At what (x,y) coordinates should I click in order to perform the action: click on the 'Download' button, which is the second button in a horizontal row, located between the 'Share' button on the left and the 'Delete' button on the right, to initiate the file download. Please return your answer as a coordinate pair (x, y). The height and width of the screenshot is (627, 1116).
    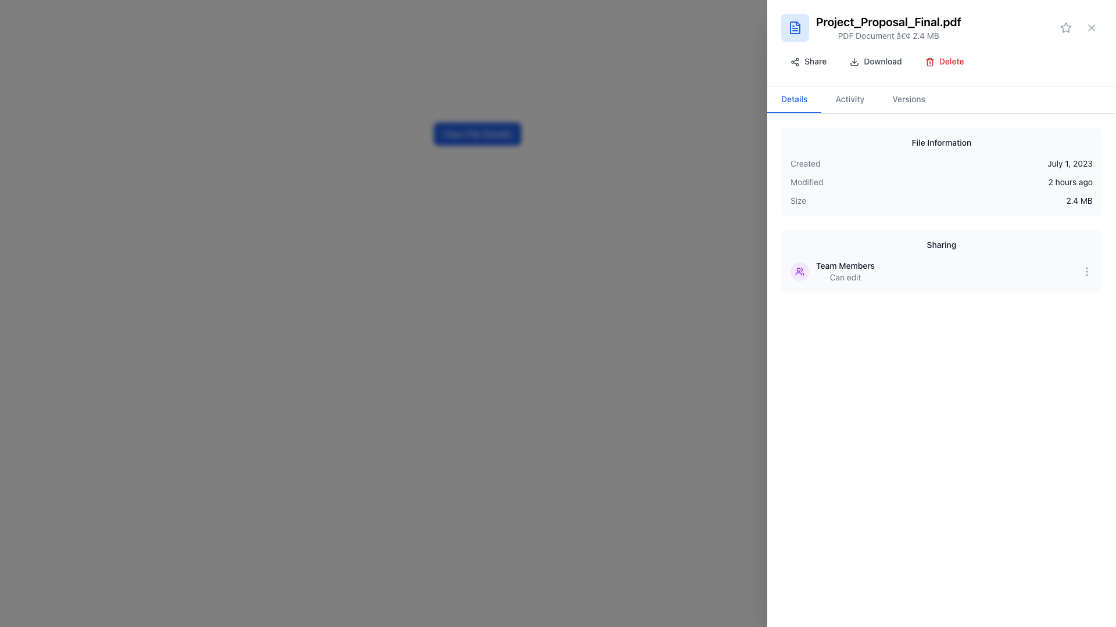
    Looking at the image, I should click on (876, 61).